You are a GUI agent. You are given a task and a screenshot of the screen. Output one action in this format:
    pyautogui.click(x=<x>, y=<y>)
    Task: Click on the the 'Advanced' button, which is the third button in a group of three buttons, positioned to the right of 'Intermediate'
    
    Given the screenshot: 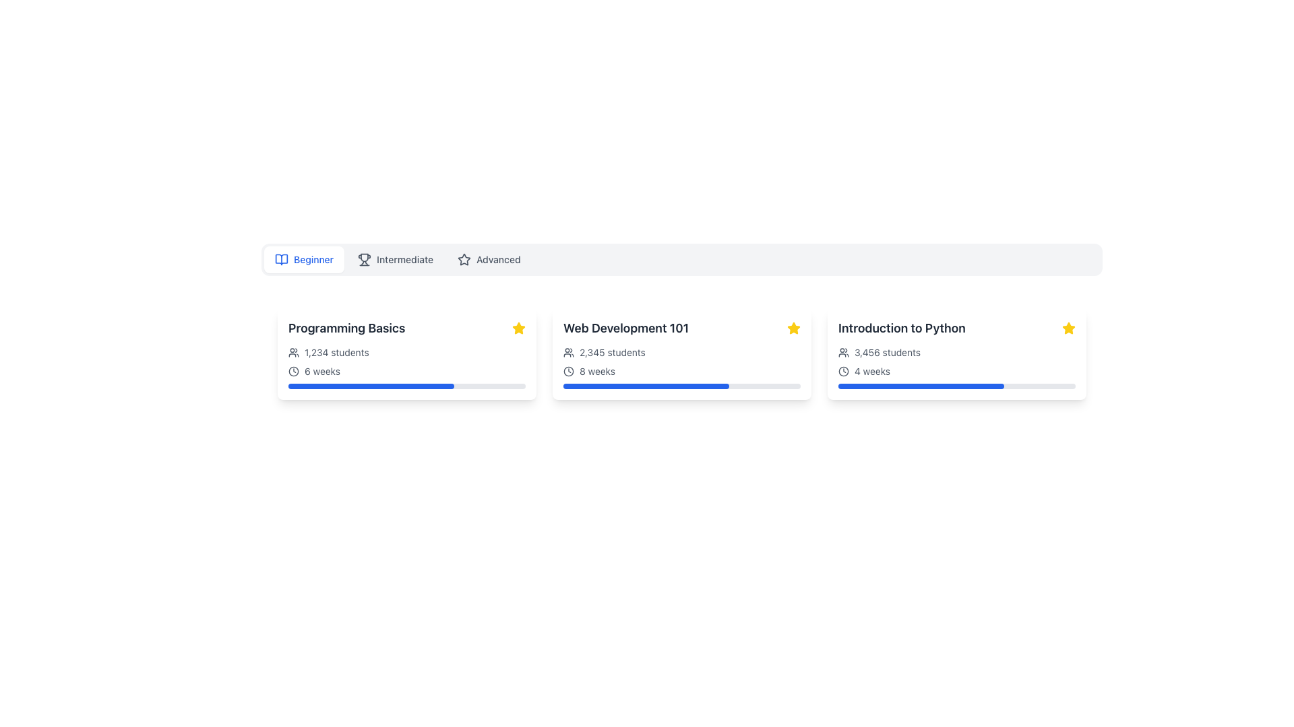 What is the action you would take?
    pyautogui.click(x=488, y=259)
    